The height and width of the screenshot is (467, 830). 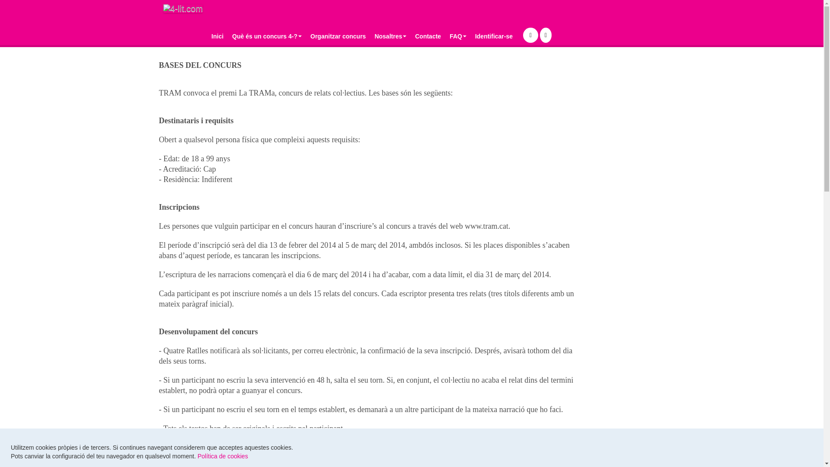 I want to click on 'Nosaltres', so click(x=370, y=36).